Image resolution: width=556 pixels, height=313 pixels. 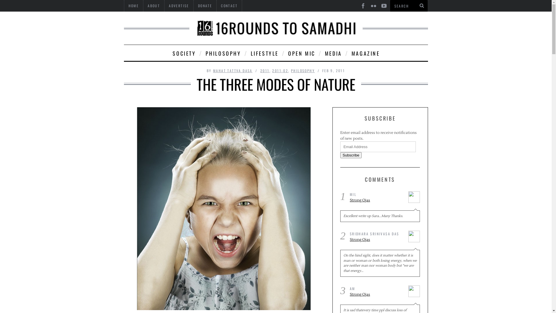 What do you see at coordinates (260, 70) in the screenshot?
I see `'2011'` at bounding box center [260, 70].